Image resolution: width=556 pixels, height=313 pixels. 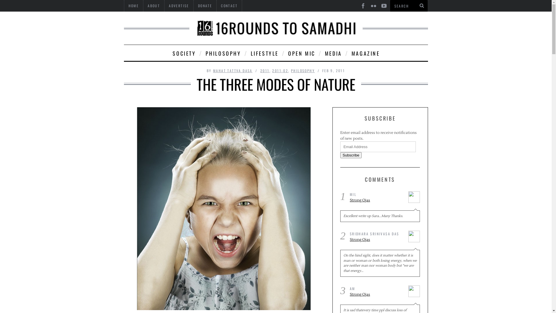 What do you see at coordinates (260, 70) in the screenshot?
I see `'2011'` at bounding box center [260, 70].